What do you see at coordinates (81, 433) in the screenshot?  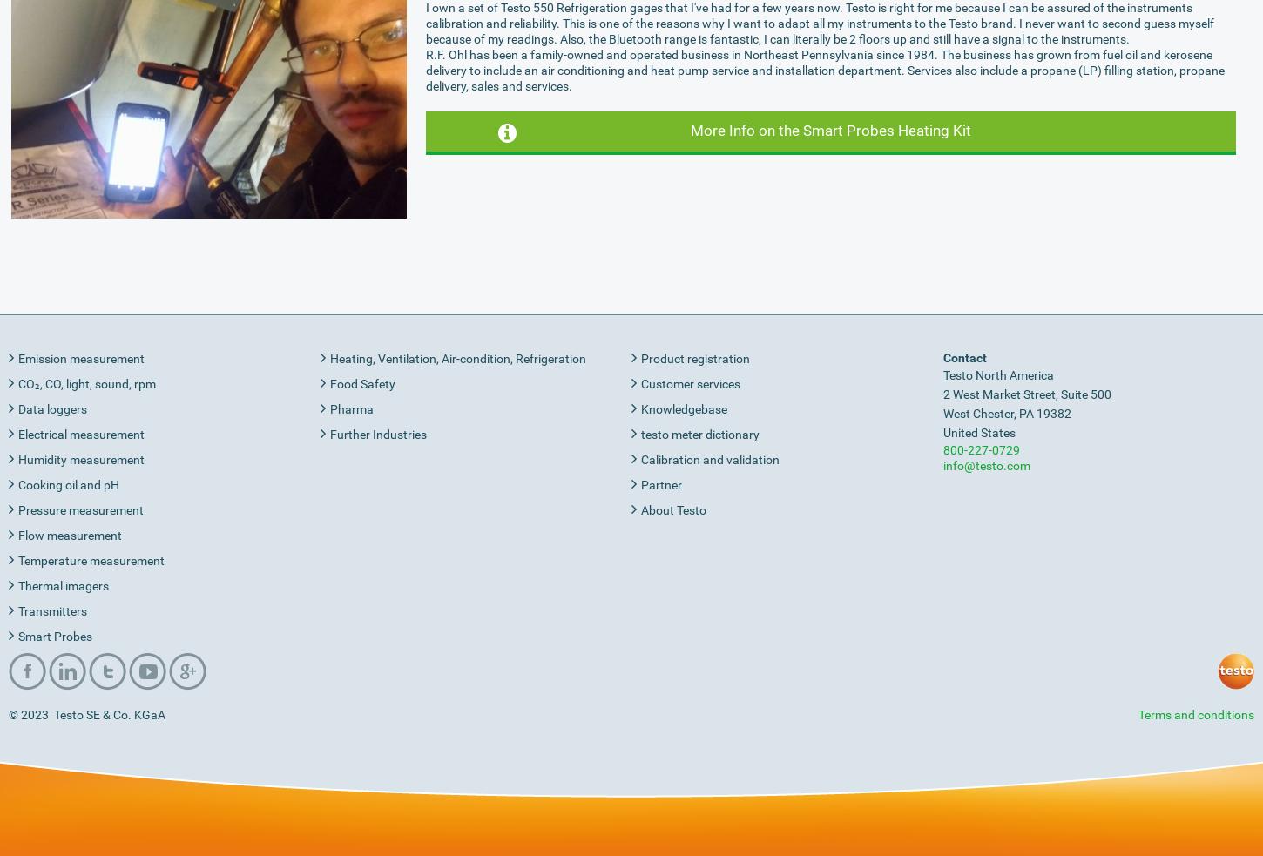 I see `'Electrical measurement'` at bounding box center [81, 433].